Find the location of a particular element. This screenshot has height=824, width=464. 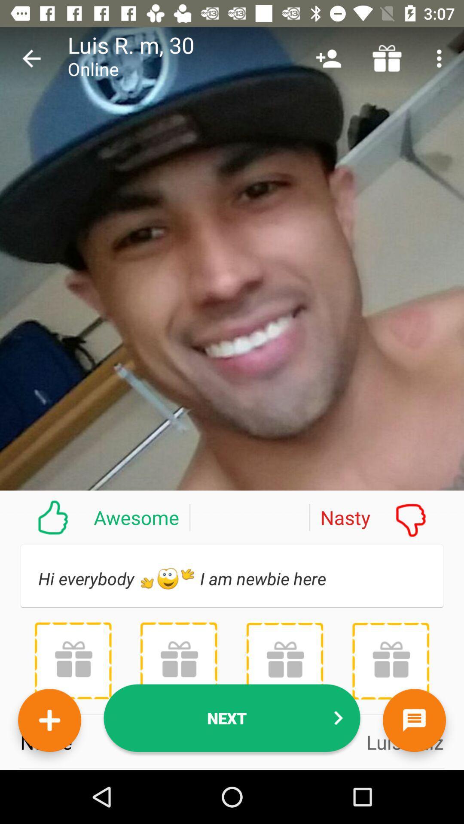

the add icon is located at coordinates (49, 720).